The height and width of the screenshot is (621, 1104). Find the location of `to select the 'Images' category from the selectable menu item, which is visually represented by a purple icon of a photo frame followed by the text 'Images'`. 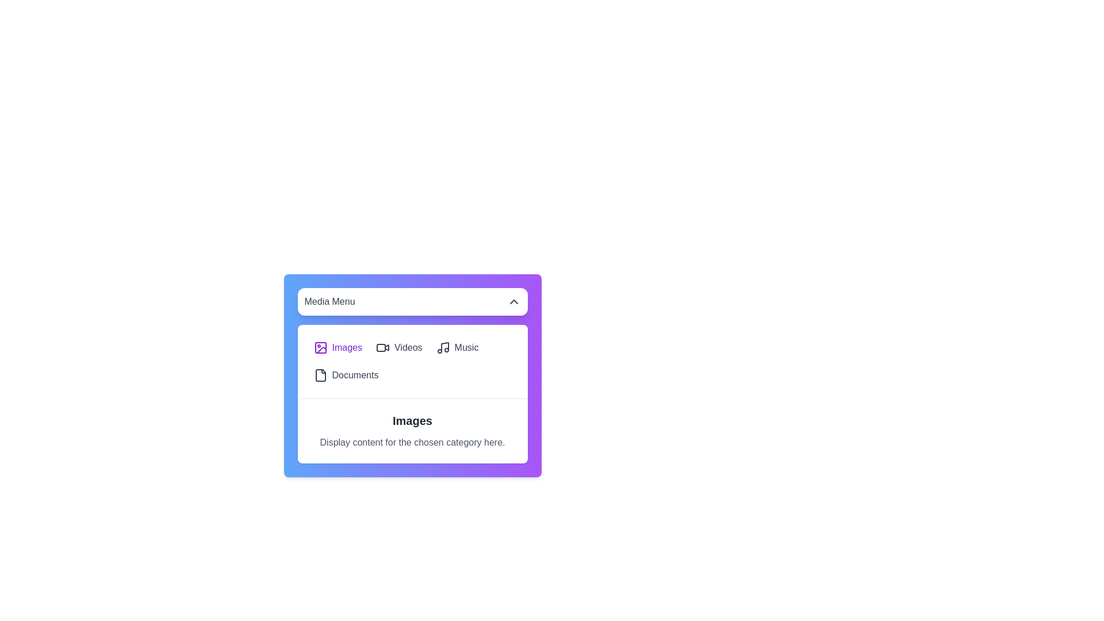

to select the 'Images' category from the selectable menu item, which is visually represented by a purple icon of a photo frame followed by the text 'Images' is located at coordinates (337, 347).